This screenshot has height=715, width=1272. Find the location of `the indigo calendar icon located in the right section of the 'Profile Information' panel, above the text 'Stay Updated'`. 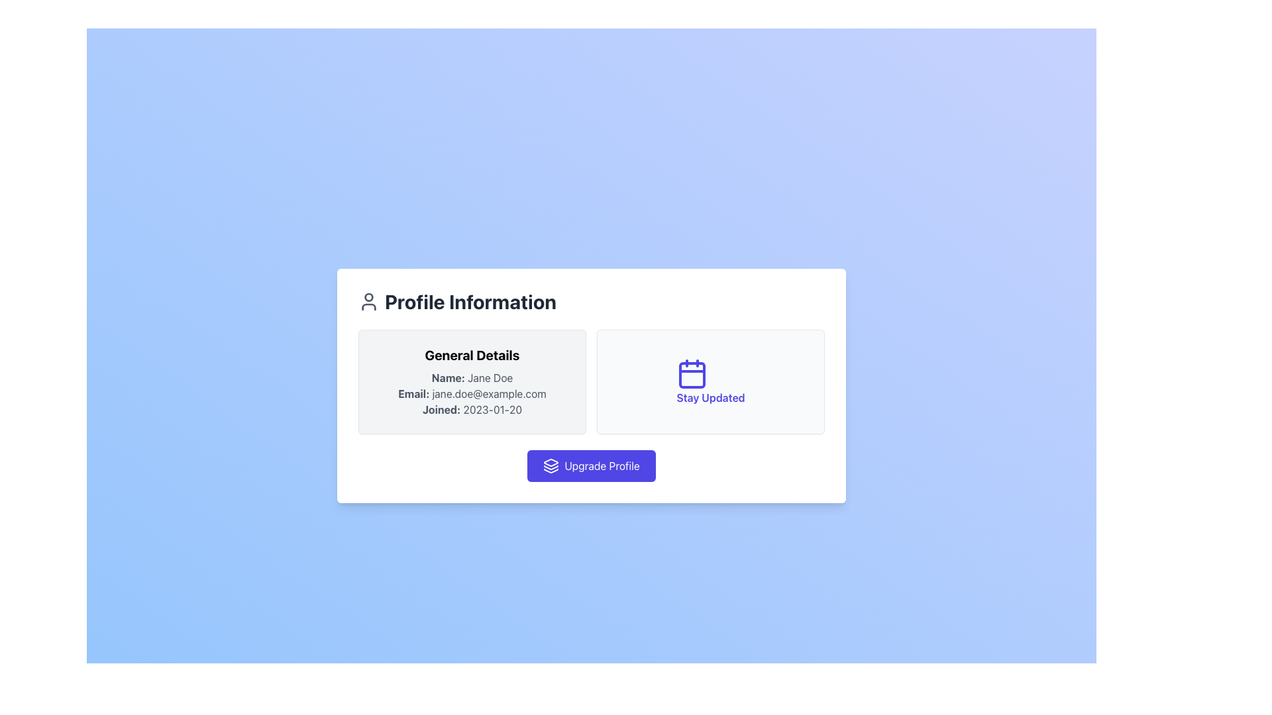

the indigo calendar icon located in the right section of the 'Profile Information' panel, above the text 'Stay Updated' is located at coordinates (692, 373).